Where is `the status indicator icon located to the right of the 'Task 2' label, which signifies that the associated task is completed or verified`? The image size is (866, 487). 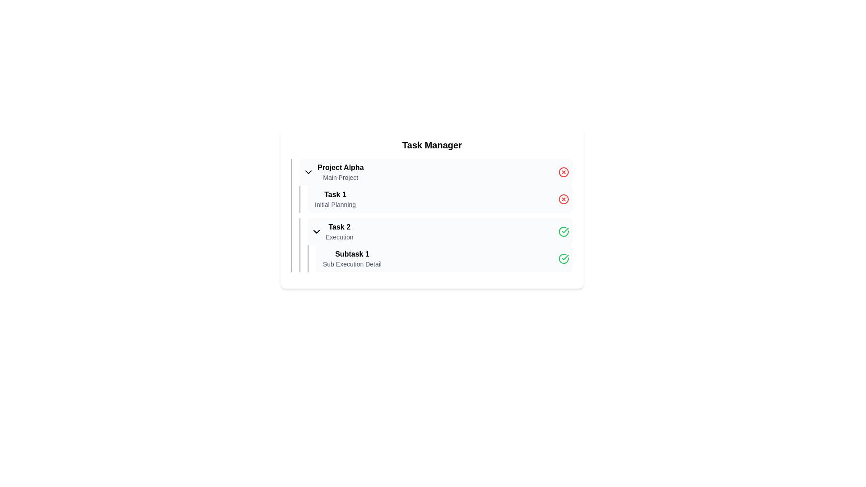
the status indicator icon located to the right of the 'Task 2' label, which signifies that the associated task is completed or verified is located at coordinates (565, 257).